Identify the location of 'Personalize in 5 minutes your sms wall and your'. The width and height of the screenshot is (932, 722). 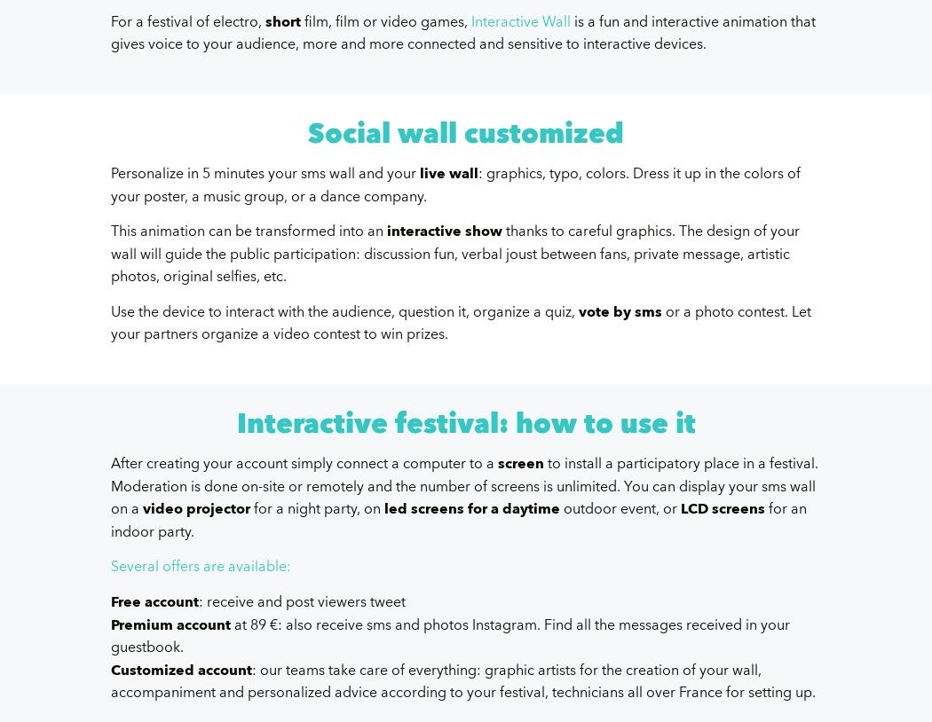
(265, 172).